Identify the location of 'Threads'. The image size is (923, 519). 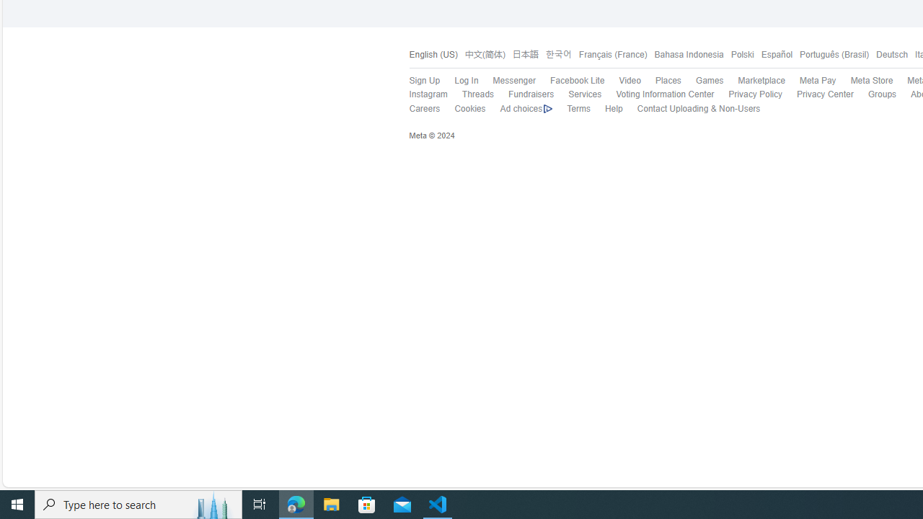
(477, 94).